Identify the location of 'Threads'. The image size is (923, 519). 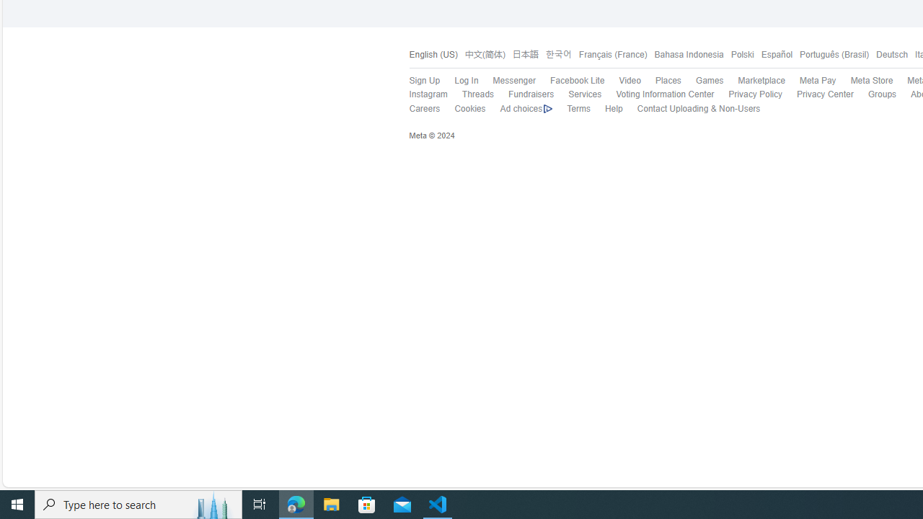
(477, 94).